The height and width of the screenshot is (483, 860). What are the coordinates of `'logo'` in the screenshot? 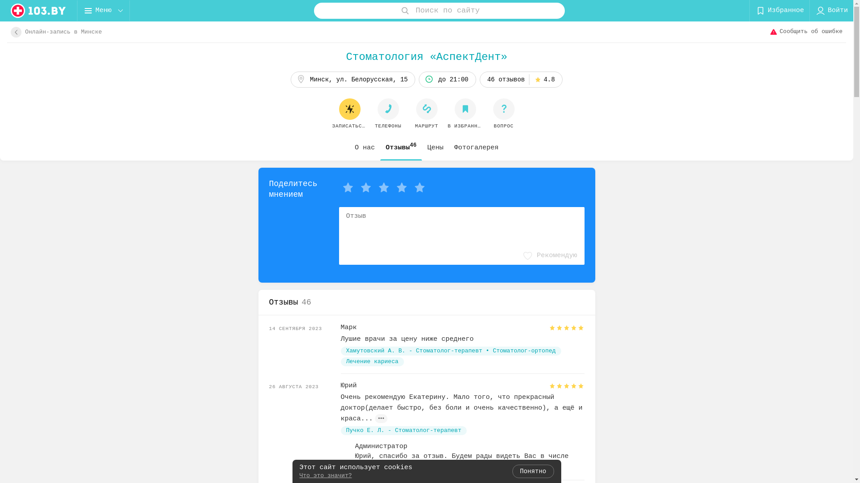 It's located at (11, 10).